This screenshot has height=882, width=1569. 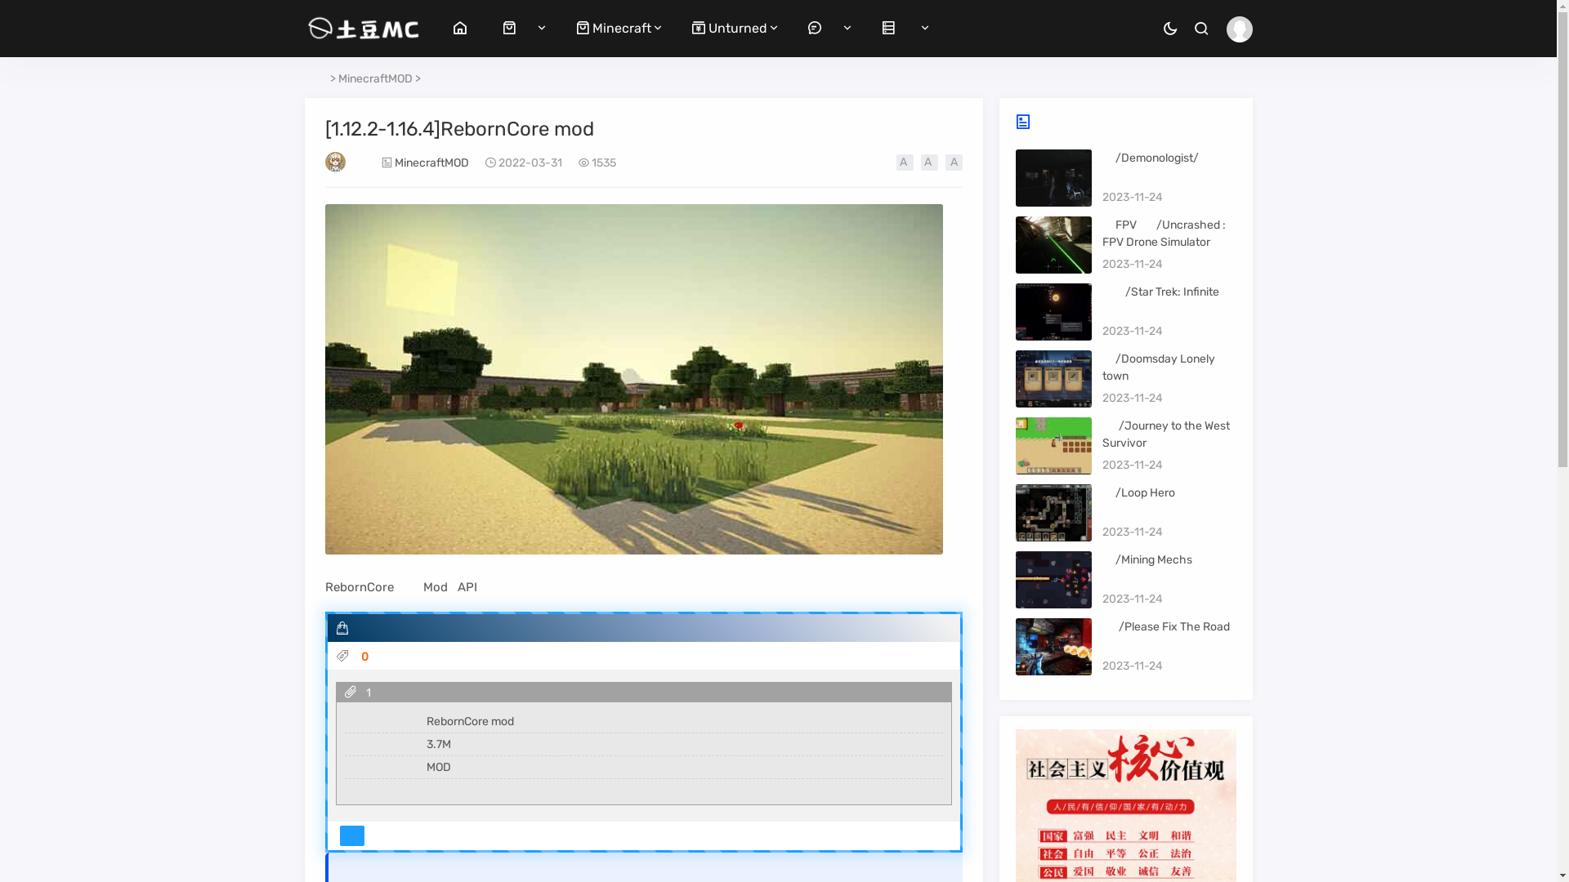 I want to click on 'Unturned', so click(x=728, y=28).